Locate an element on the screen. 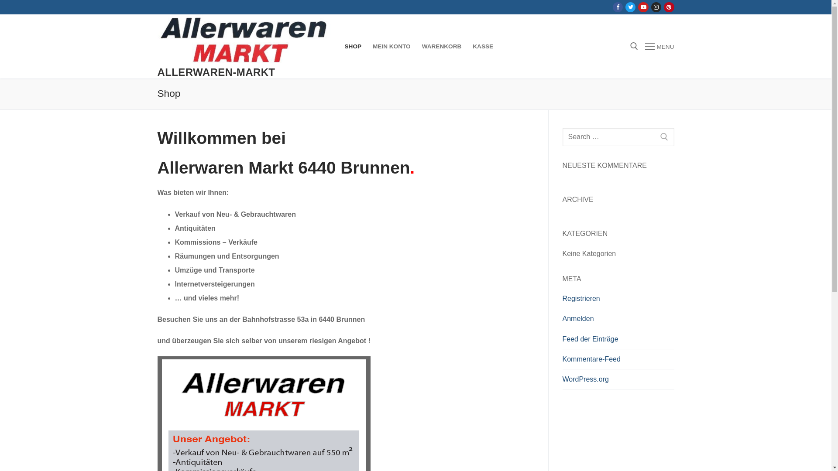 The width and height of the screenshot is (838, 471). 'SHOP' is located at coordinates (353, 47).